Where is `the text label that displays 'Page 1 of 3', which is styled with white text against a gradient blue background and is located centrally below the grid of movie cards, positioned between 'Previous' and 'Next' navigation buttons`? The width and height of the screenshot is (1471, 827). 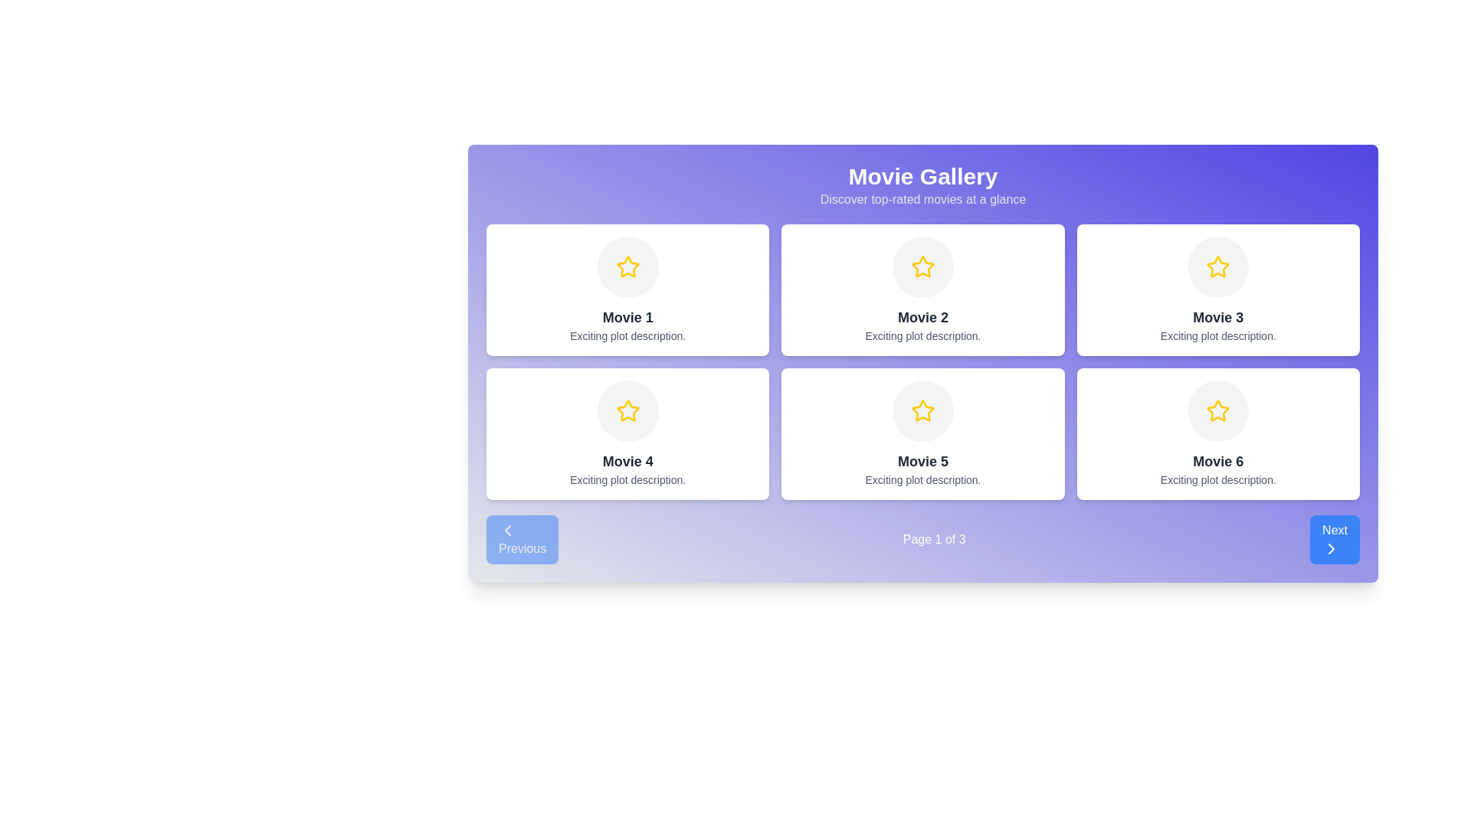
the text label that displays 'Page 1 of 3', which is styled with white text against a gradient blue background and is located centrally below the grid of movie cards, positioned between 'Previous' and 'Next' navigation buttons is located at coordinates (933, 539).